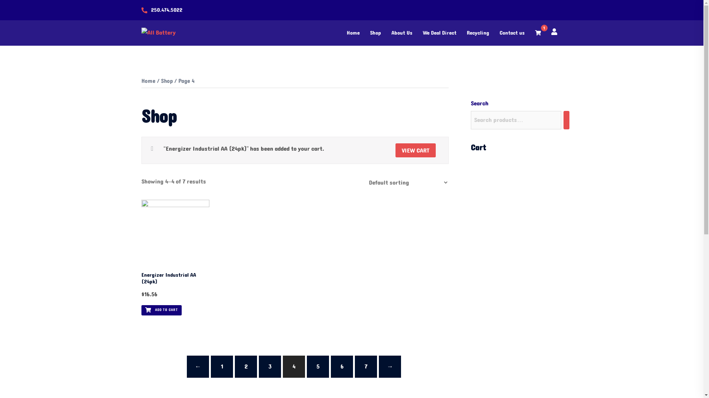  I want to click on 'Recycling', so click(478, 32).